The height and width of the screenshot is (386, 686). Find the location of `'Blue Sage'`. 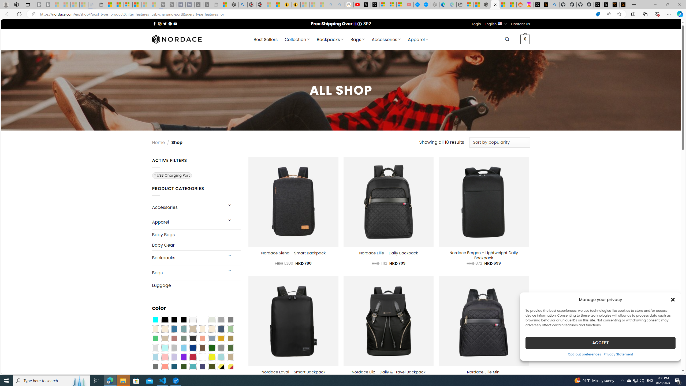

'Blue Sage' is located at coordinates (183, 329).